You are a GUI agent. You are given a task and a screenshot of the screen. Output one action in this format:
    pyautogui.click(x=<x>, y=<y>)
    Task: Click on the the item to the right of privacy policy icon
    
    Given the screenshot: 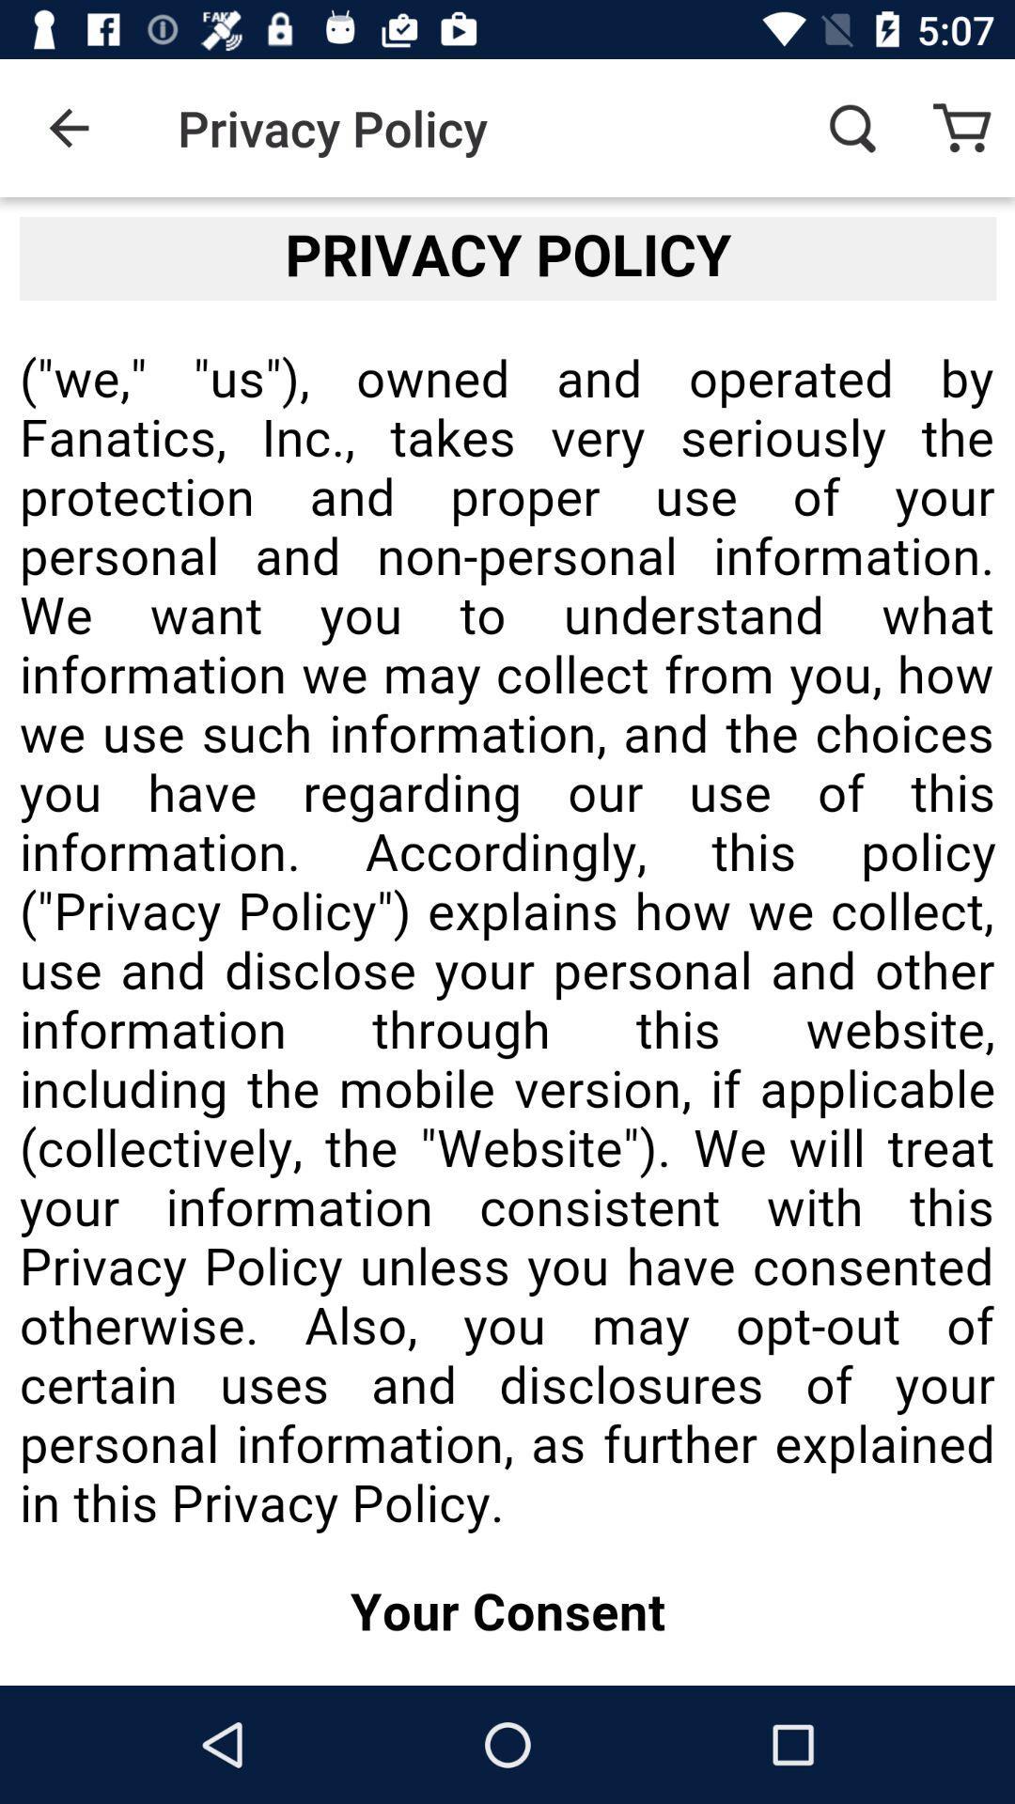 What is the action you would take?
    pyautogui.click(x=851, y=127)
    